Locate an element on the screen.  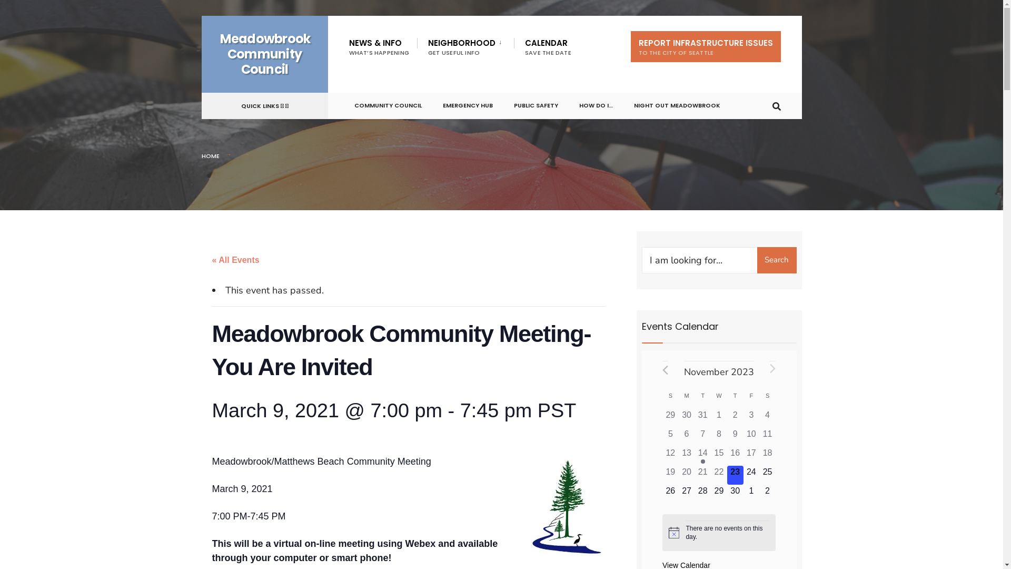
'0 events, is located at coordinates (718, 437).